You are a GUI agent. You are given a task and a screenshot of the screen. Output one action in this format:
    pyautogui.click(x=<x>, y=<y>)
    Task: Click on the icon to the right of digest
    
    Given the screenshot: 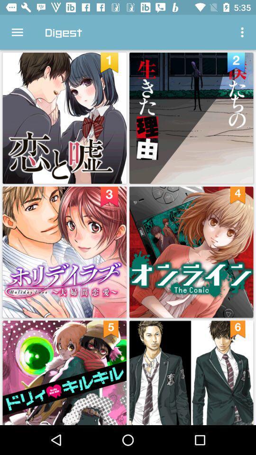 What is the action you would take?
    pyautogui.click(x=243, y=32)
    